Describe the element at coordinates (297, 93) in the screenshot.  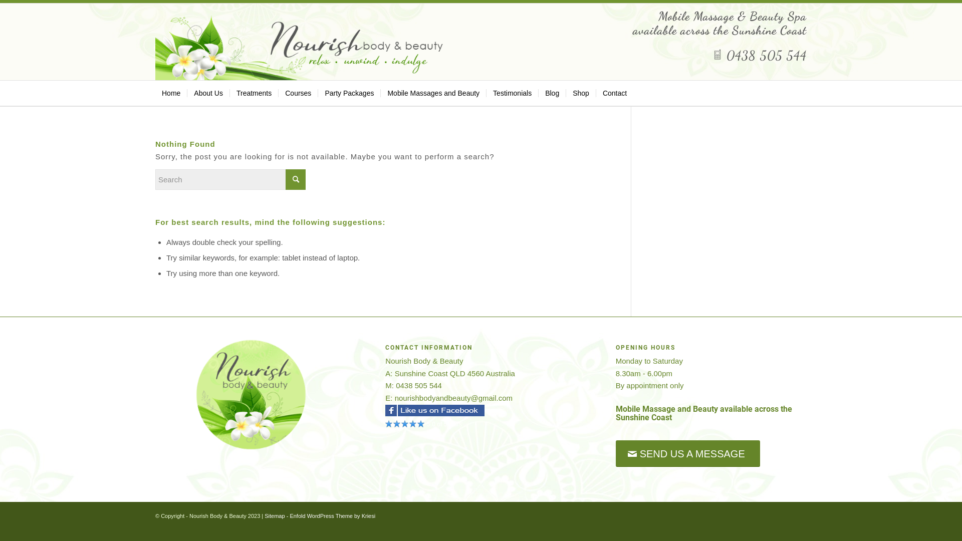
I see `'Courses'` at that location.